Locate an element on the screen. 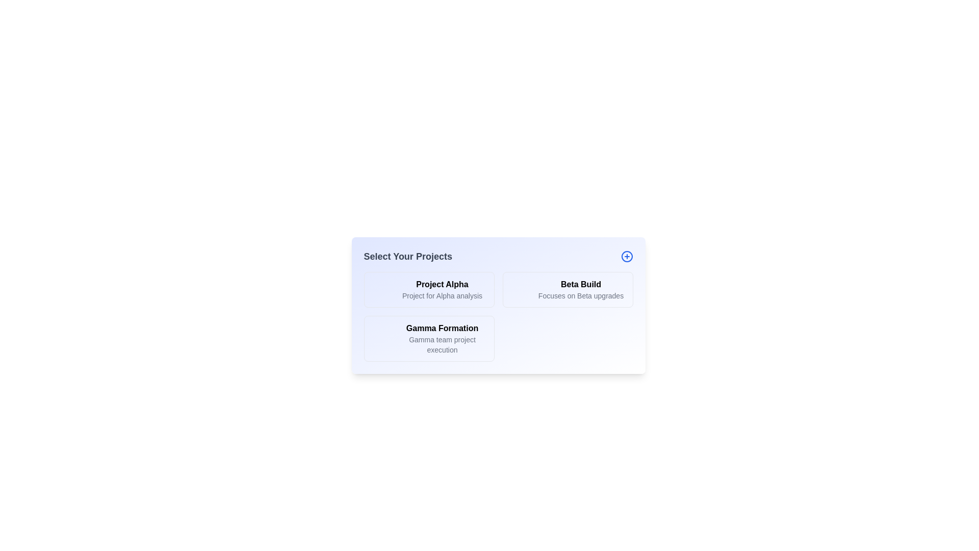 This screenshot has width=979, height=551. text label that contains 'Project for Alpha analysis', which is styled in small gray text and located below the bolded title 'Project Alpha' is located at coordinates (442, 295).